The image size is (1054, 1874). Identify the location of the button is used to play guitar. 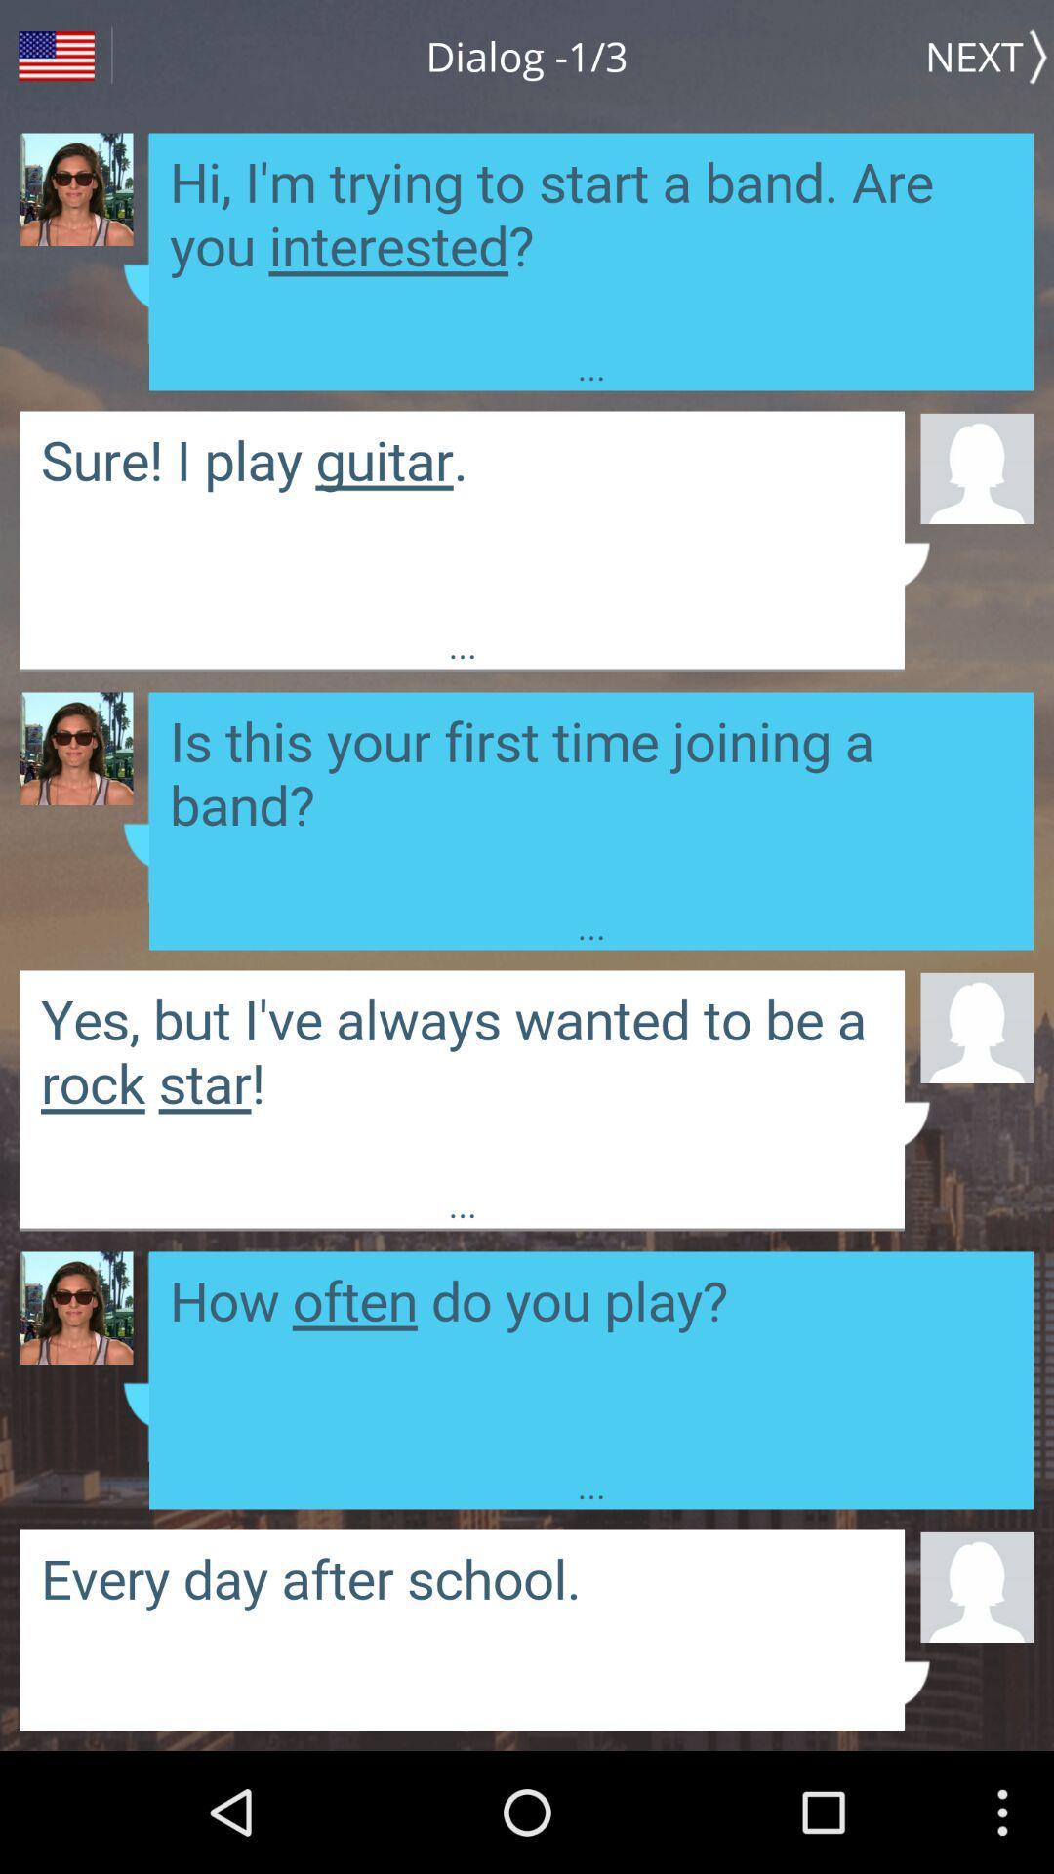
(463, 516).